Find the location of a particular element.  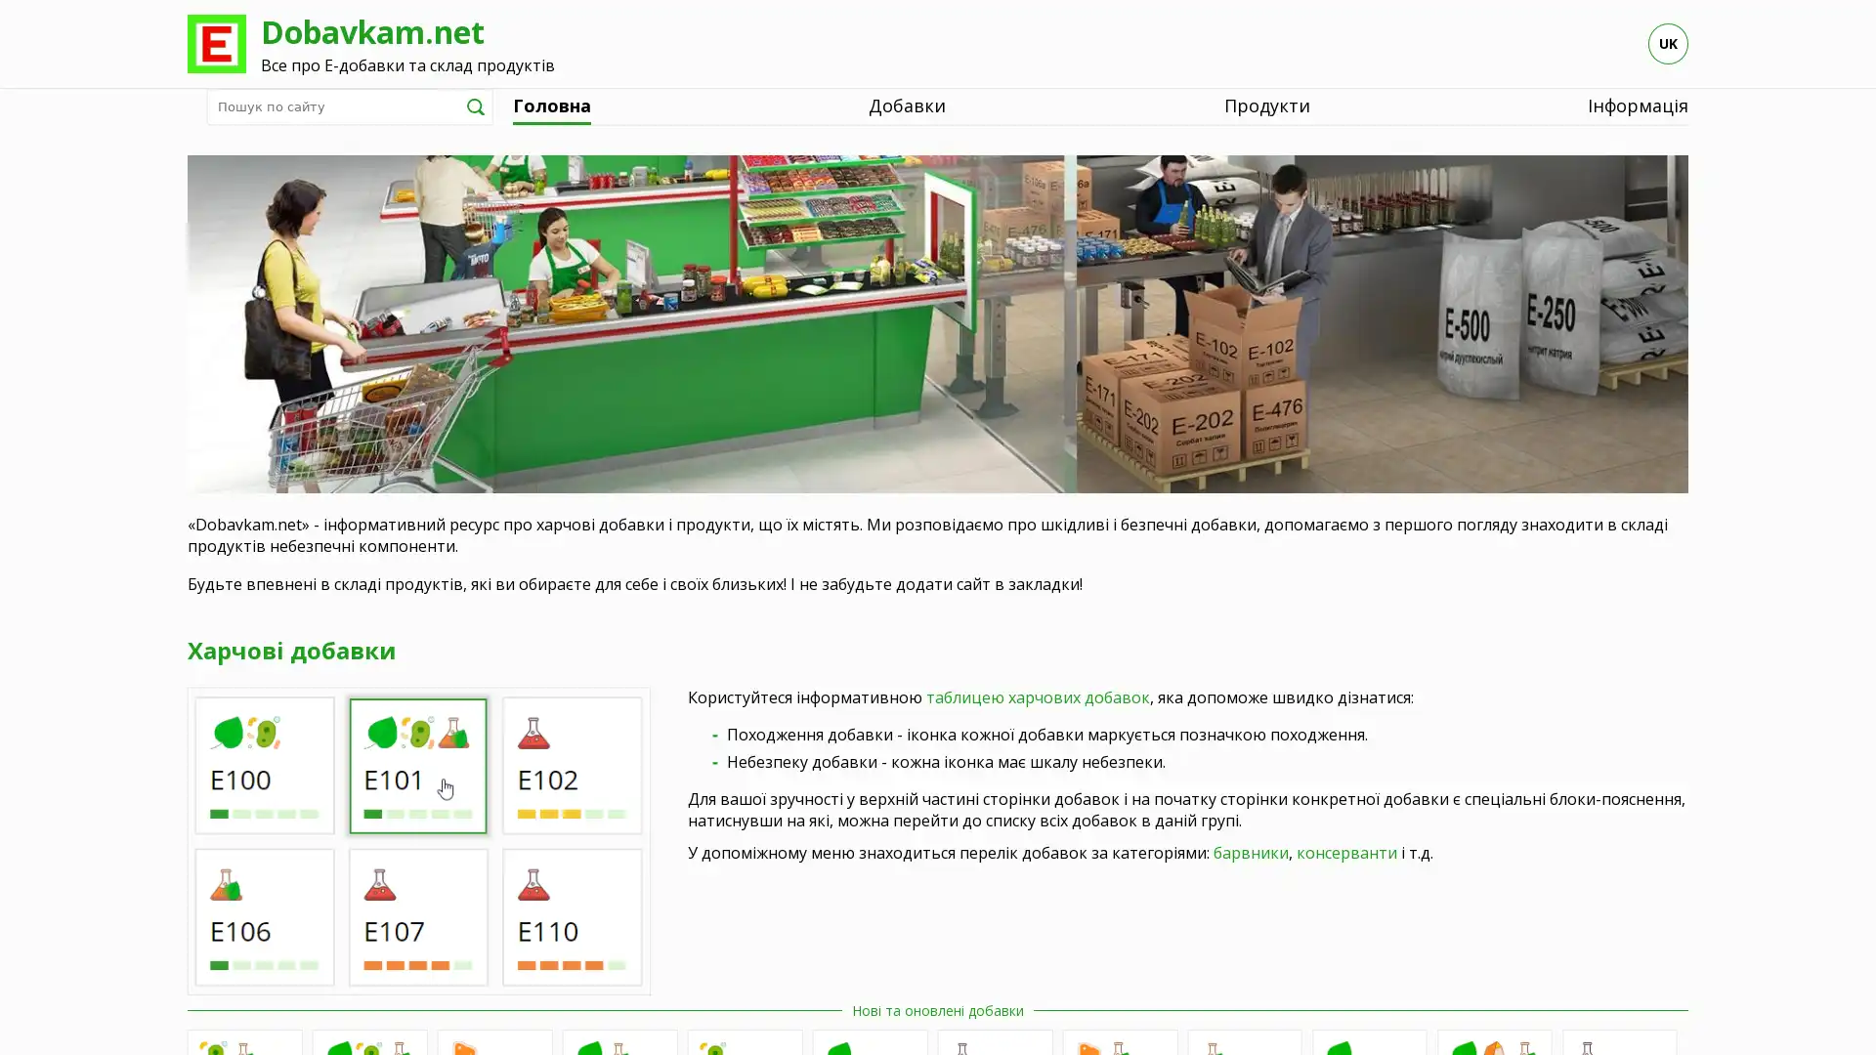

Apply is located at coordinates (475, 105).